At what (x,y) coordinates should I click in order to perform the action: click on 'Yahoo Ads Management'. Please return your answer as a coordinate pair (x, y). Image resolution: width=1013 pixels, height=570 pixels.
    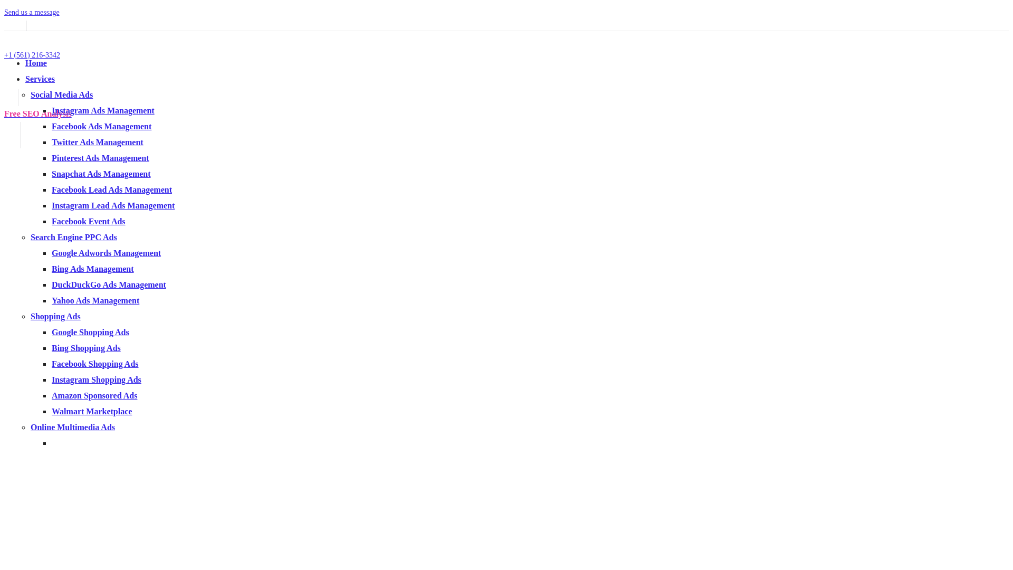
    Looking at the image, I should click on (95, 300).